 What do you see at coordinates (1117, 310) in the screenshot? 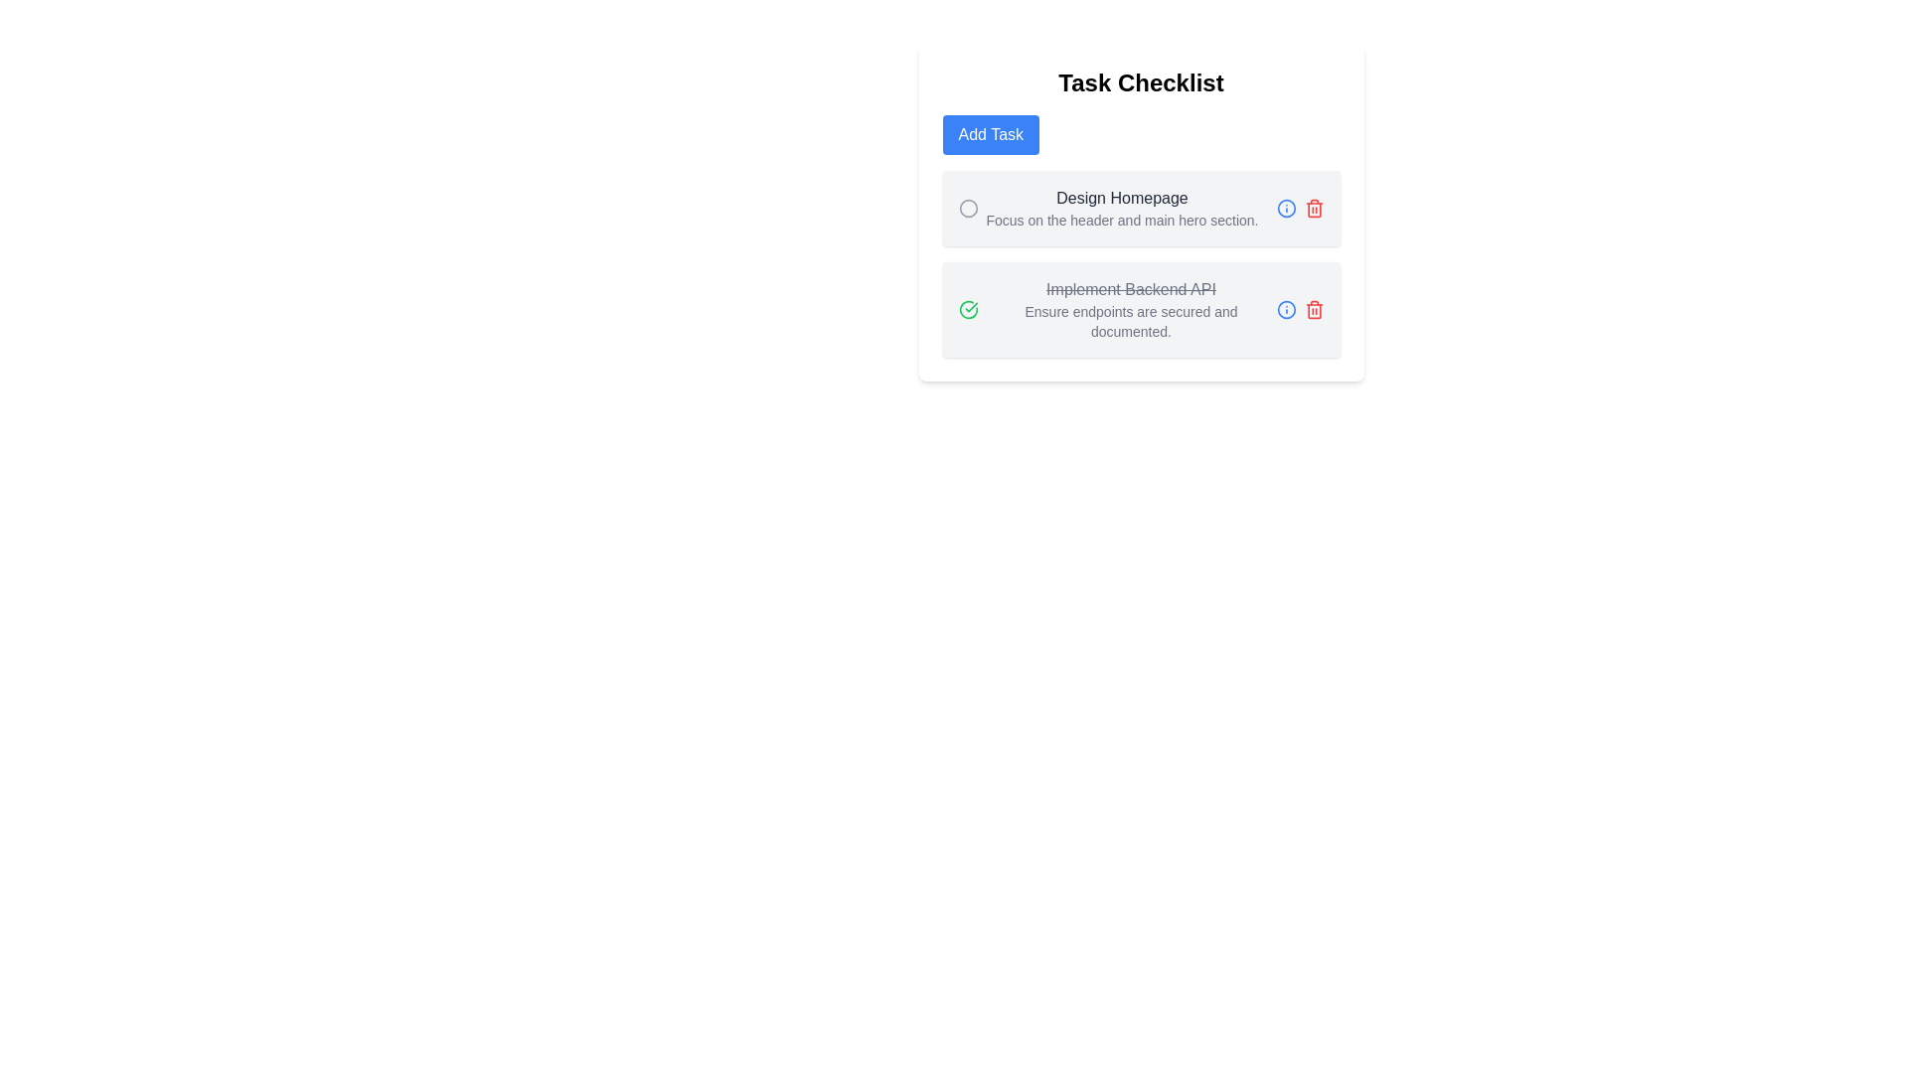
I see `the Task Item Description Field that features a strikethrough title 'Implement Backend API' and a subtitle 'Ensure endpoints are secured and documented.' to interact with it` at bounding box center [1117, 310].